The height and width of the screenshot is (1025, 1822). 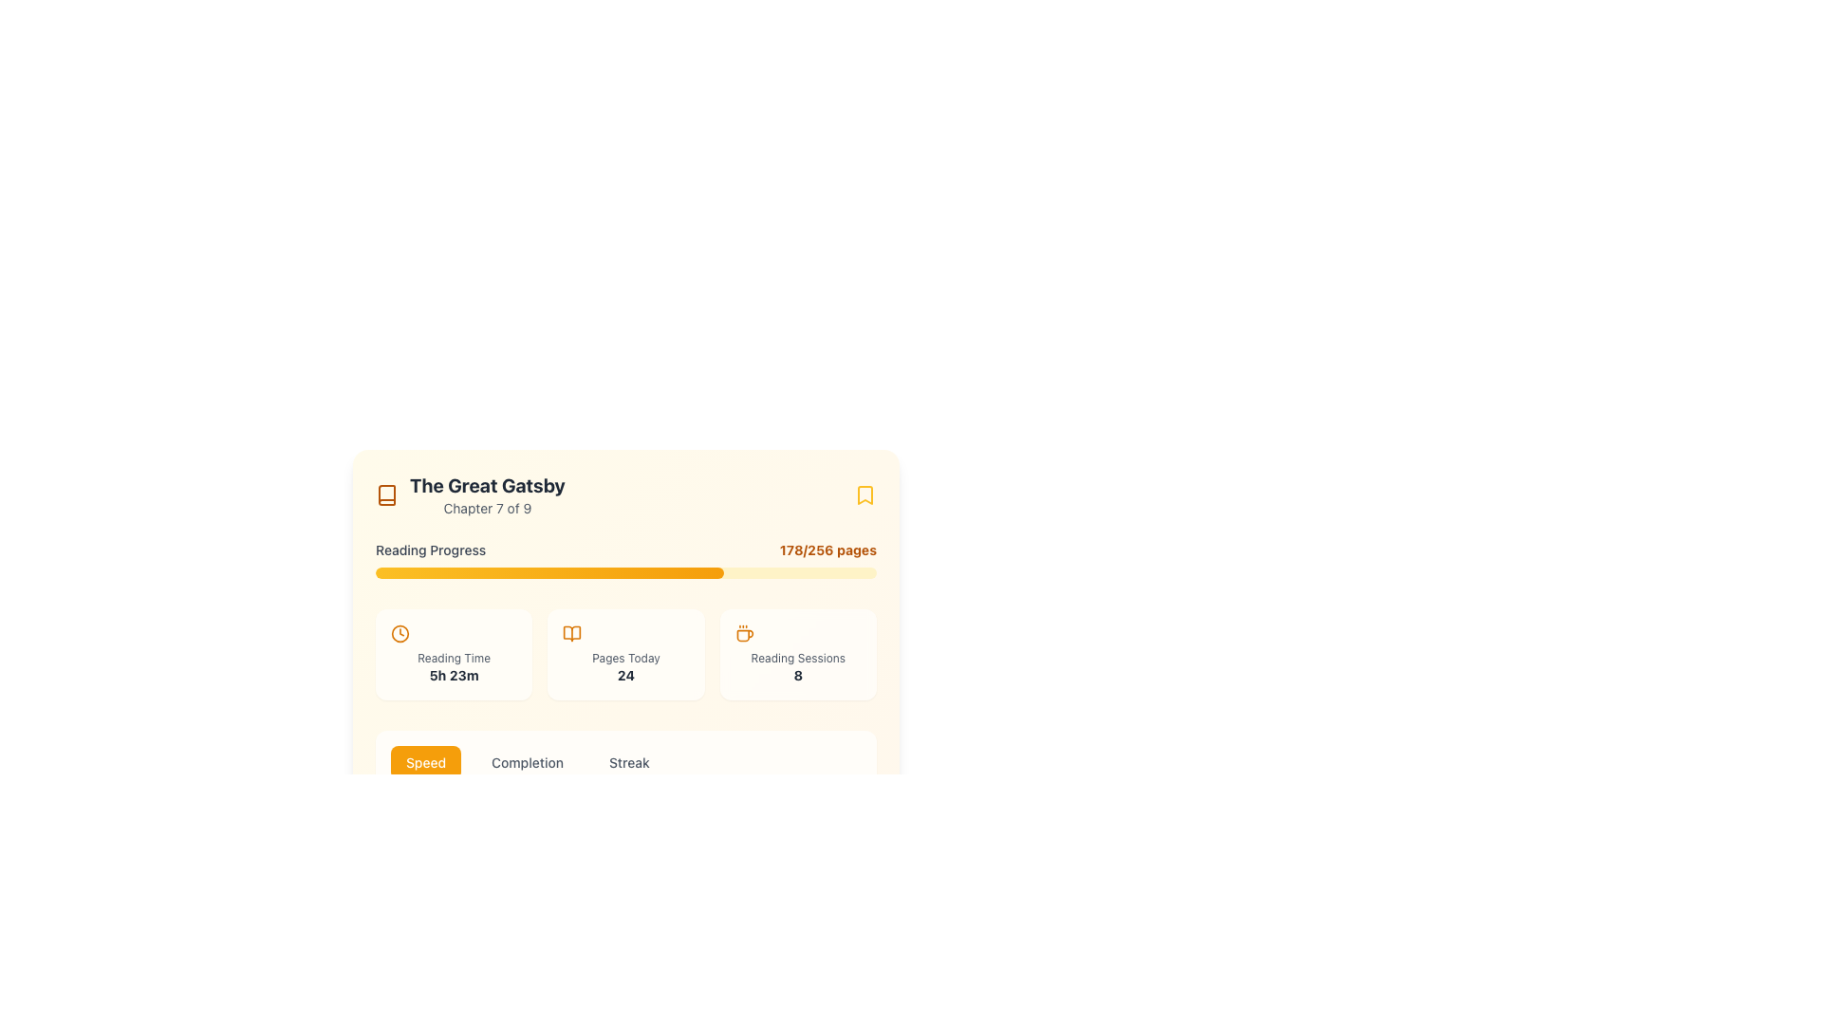 What do you see at coordinates (453, 675) in the screenshot?
I see `the Text Label displaying '5h 23m', which is rendered in a bold small font style and is located below the 'Reading Time' label` at bounding box center [453, 675].